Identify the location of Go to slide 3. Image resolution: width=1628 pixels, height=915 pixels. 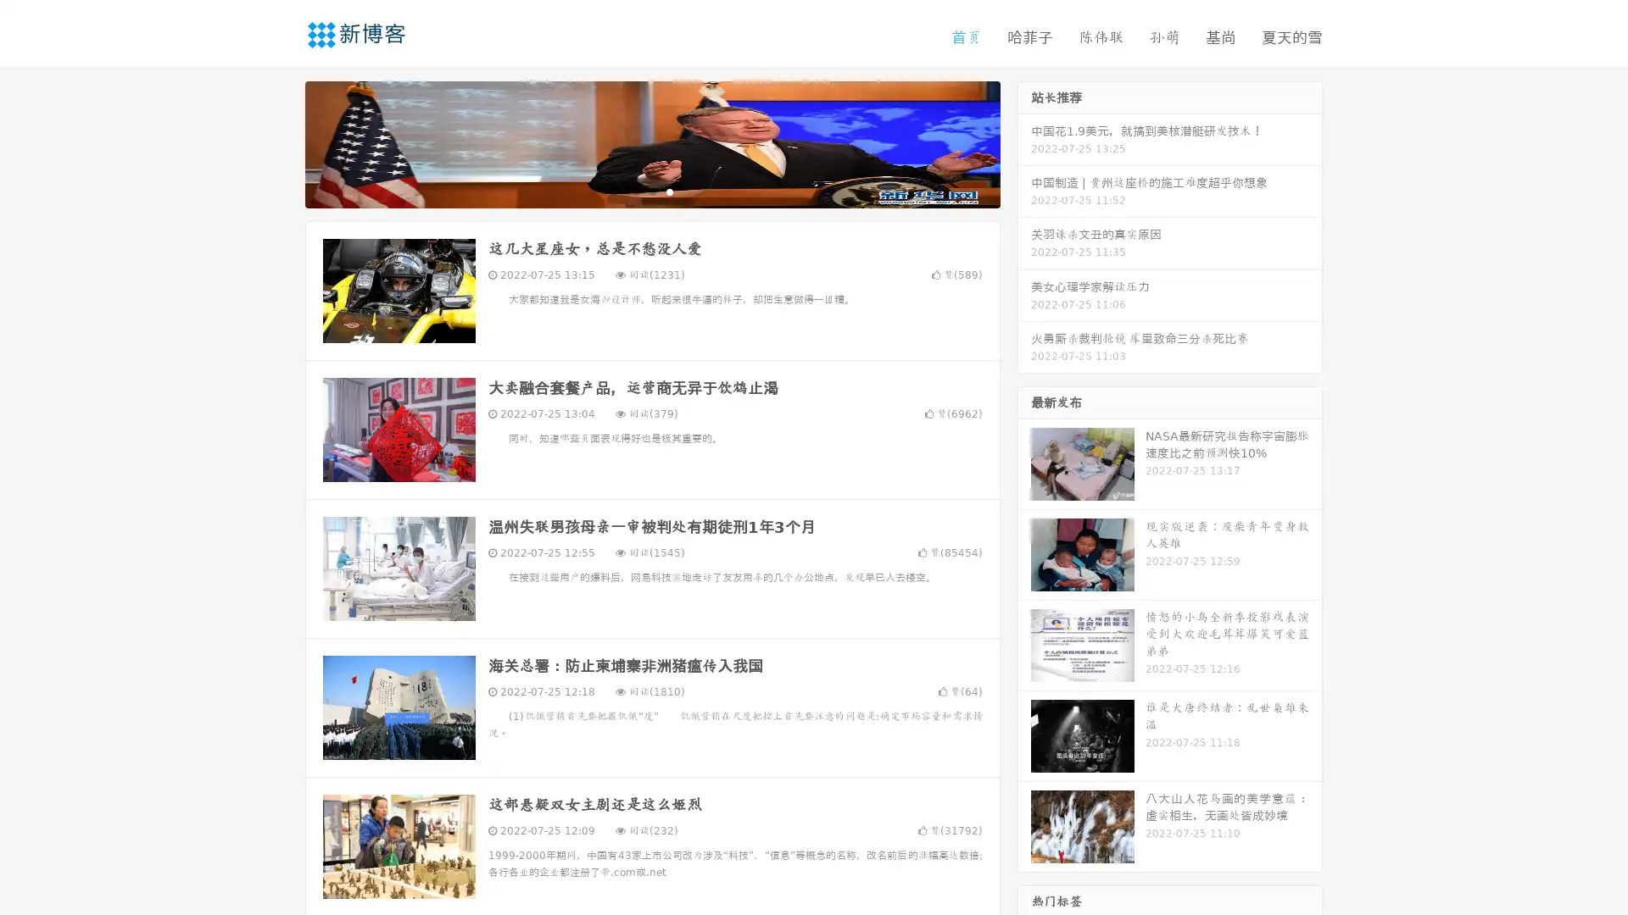
(669, 191).